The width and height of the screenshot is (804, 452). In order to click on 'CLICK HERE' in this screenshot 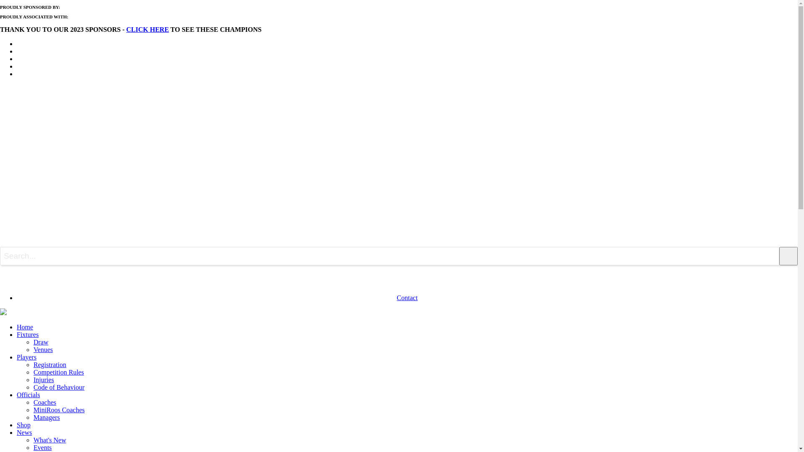, I will do `click(148, 29)`.